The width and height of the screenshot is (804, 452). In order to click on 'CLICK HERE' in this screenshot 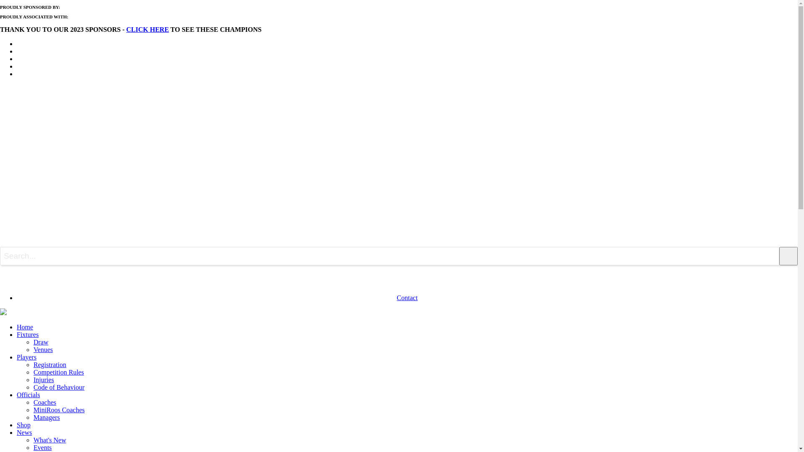, I will do `click(148, 29)`.